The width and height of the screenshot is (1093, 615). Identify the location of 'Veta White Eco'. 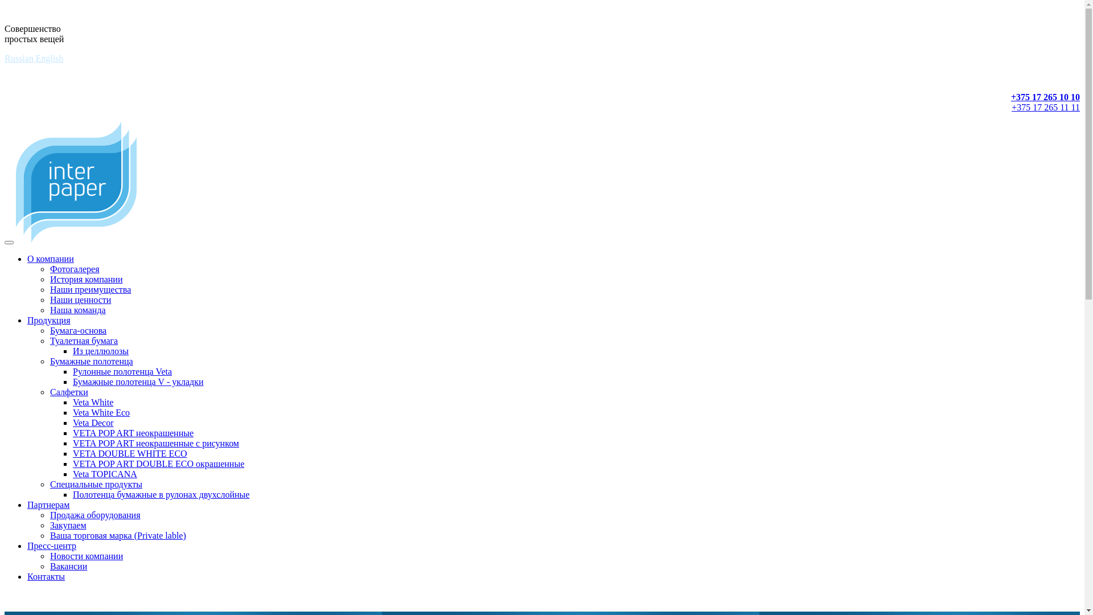
(101, 412).